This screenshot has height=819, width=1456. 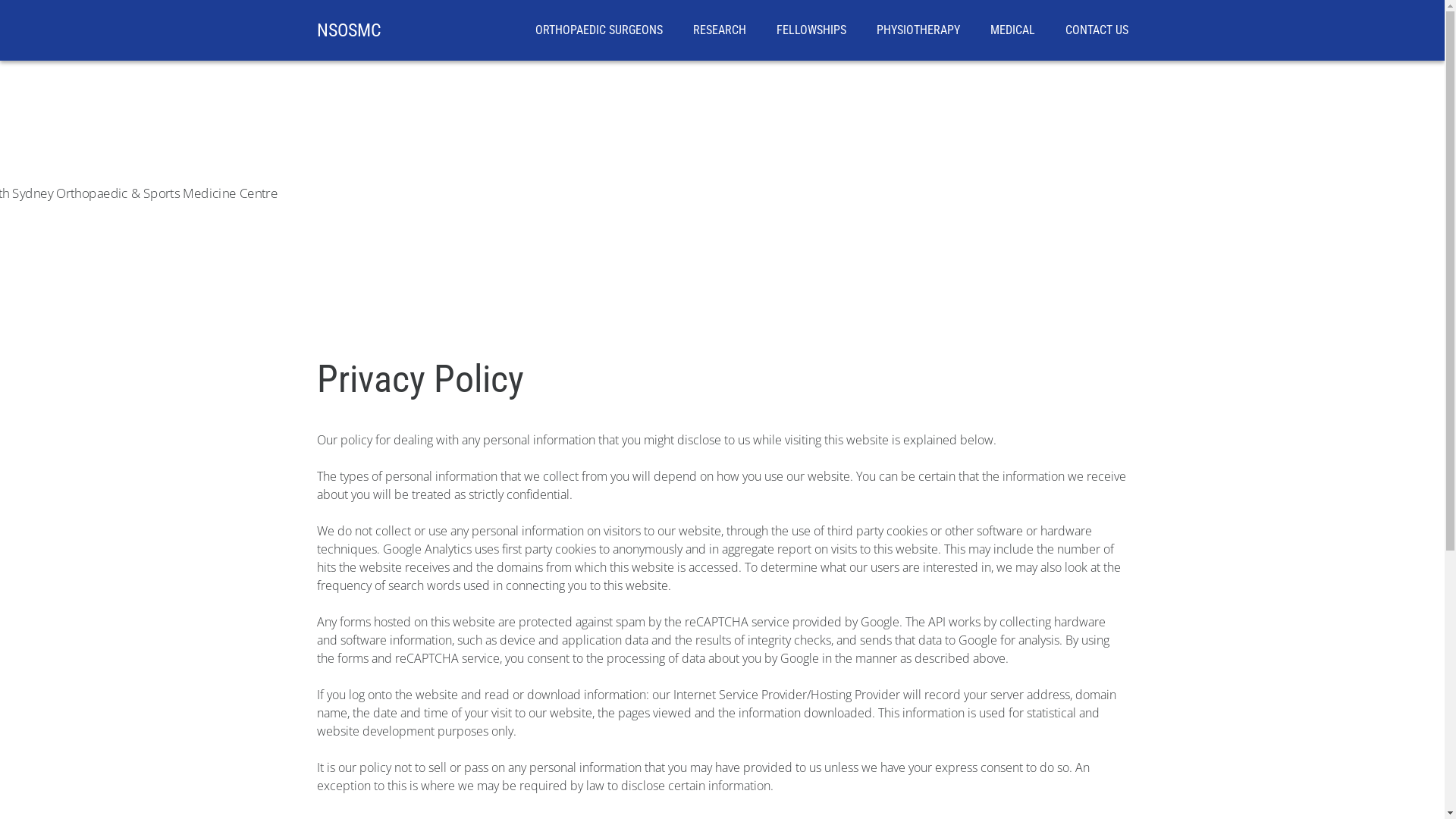 I want to click on 'NSOSMC', so click(x=348, y=30).